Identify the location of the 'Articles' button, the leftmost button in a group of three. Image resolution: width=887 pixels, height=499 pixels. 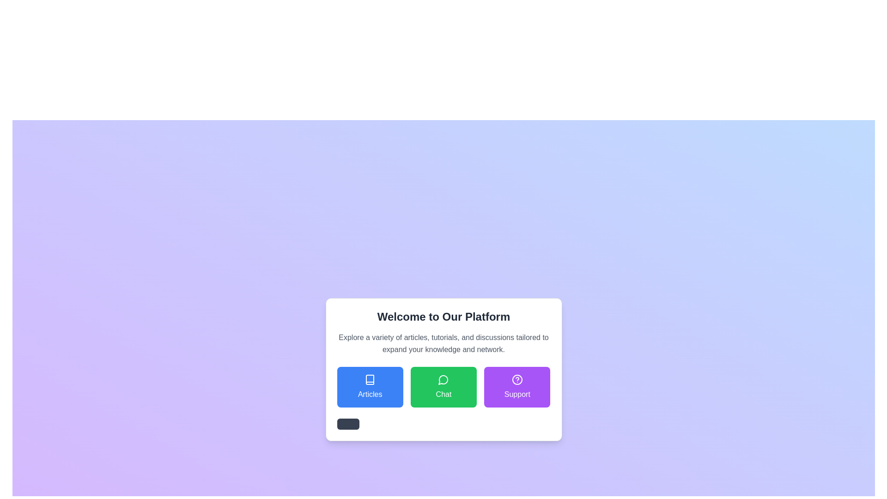
(370, 387).